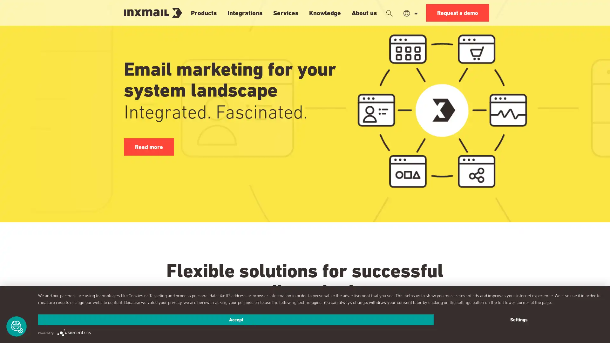  Describe the element at coordinates (518, 319) in the screenshot. I see `Settings` at that location.